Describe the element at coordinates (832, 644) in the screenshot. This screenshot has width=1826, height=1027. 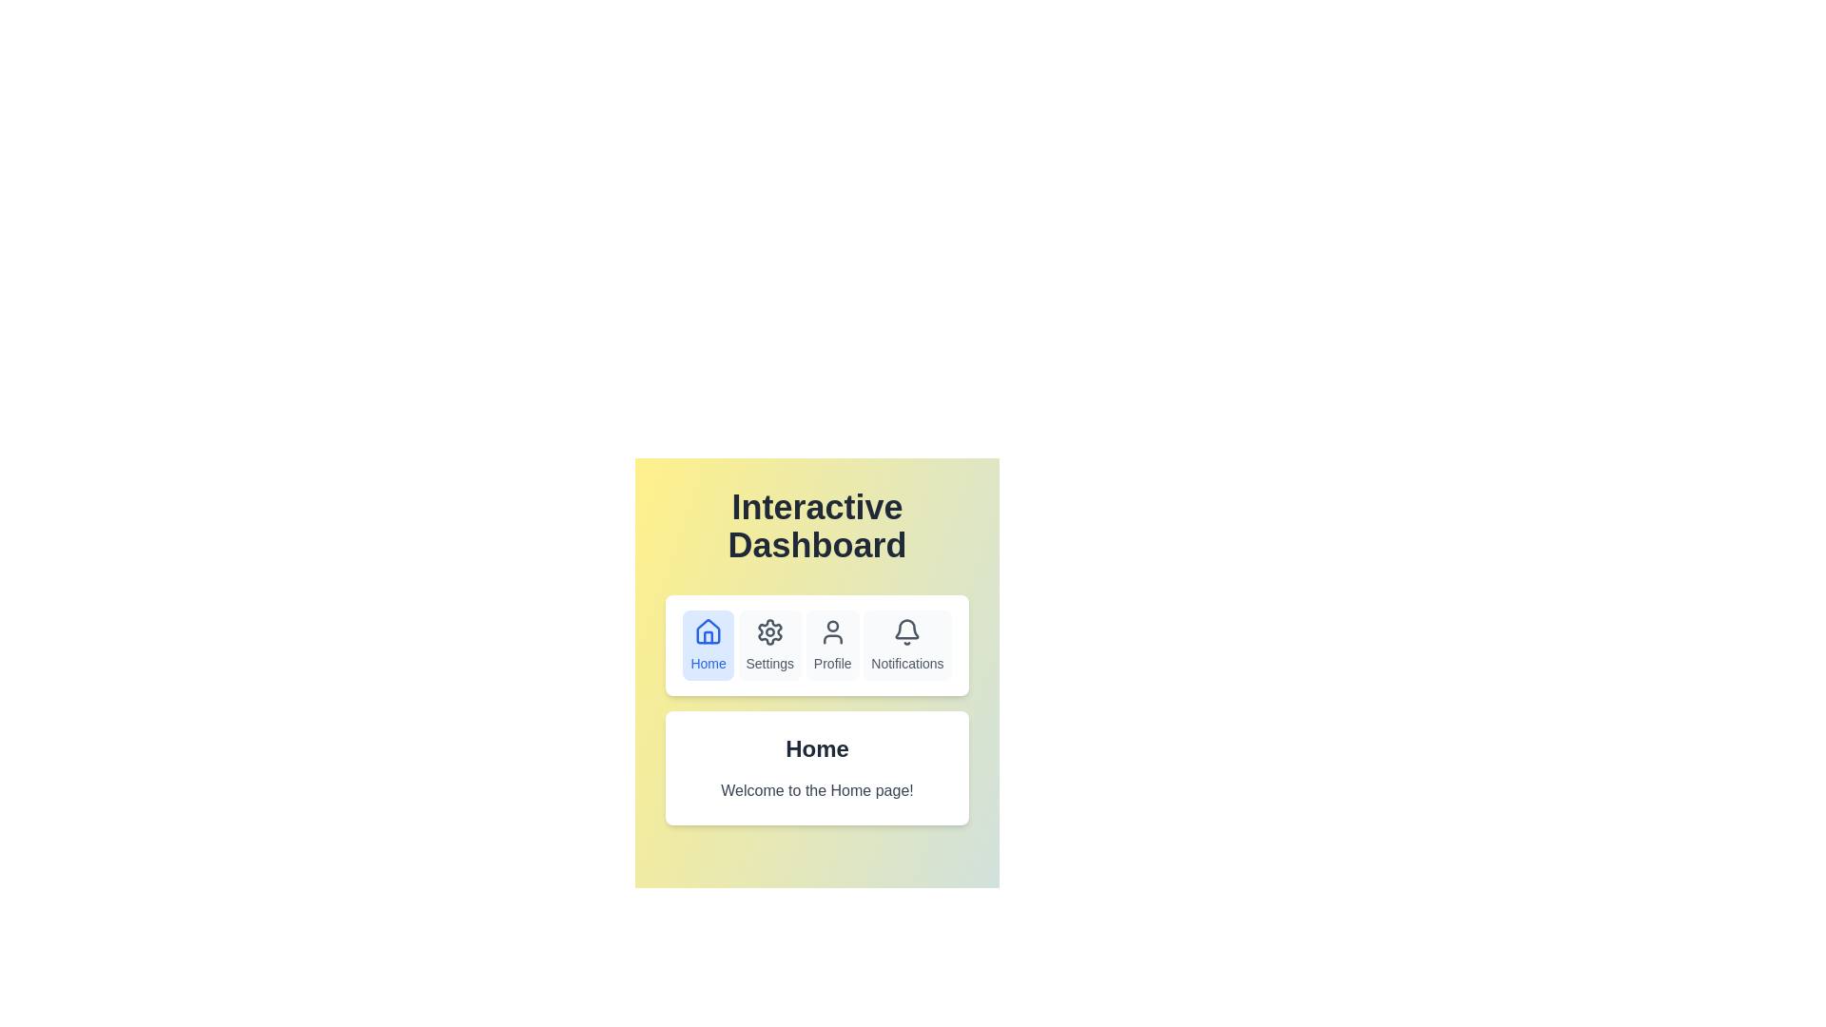
I see `the navigation bar buttons to observe their visual feedback. Specify the button name as Profile` at that location.